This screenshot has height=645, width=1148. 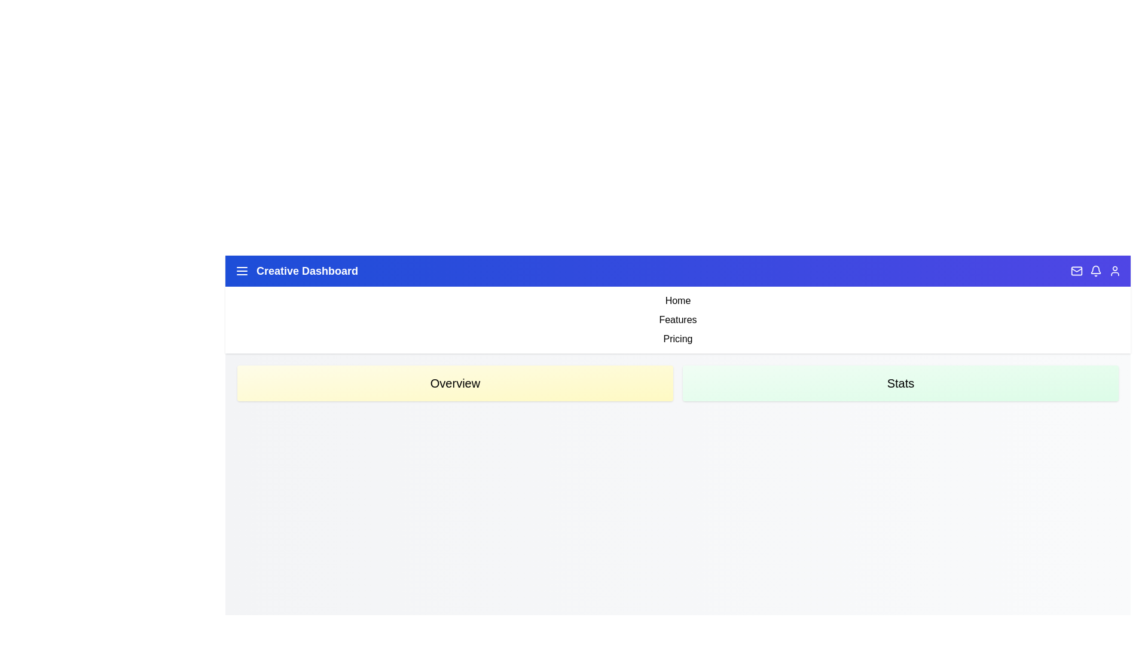 What do you see at coordinates (900, 383) in the screenshot?
I see `the 'Stats' section to explore it` at bounding box center [900, 383].